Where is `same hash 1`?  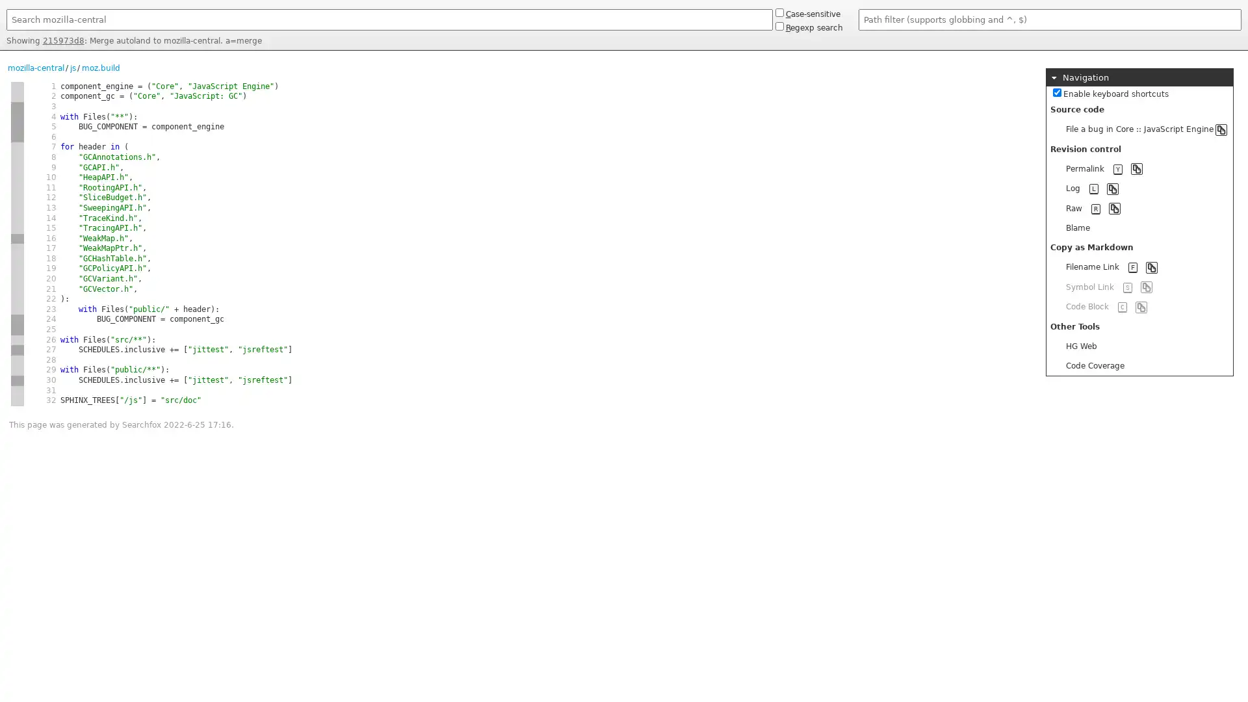
same hash 1 is located at coordinates (18, 227).